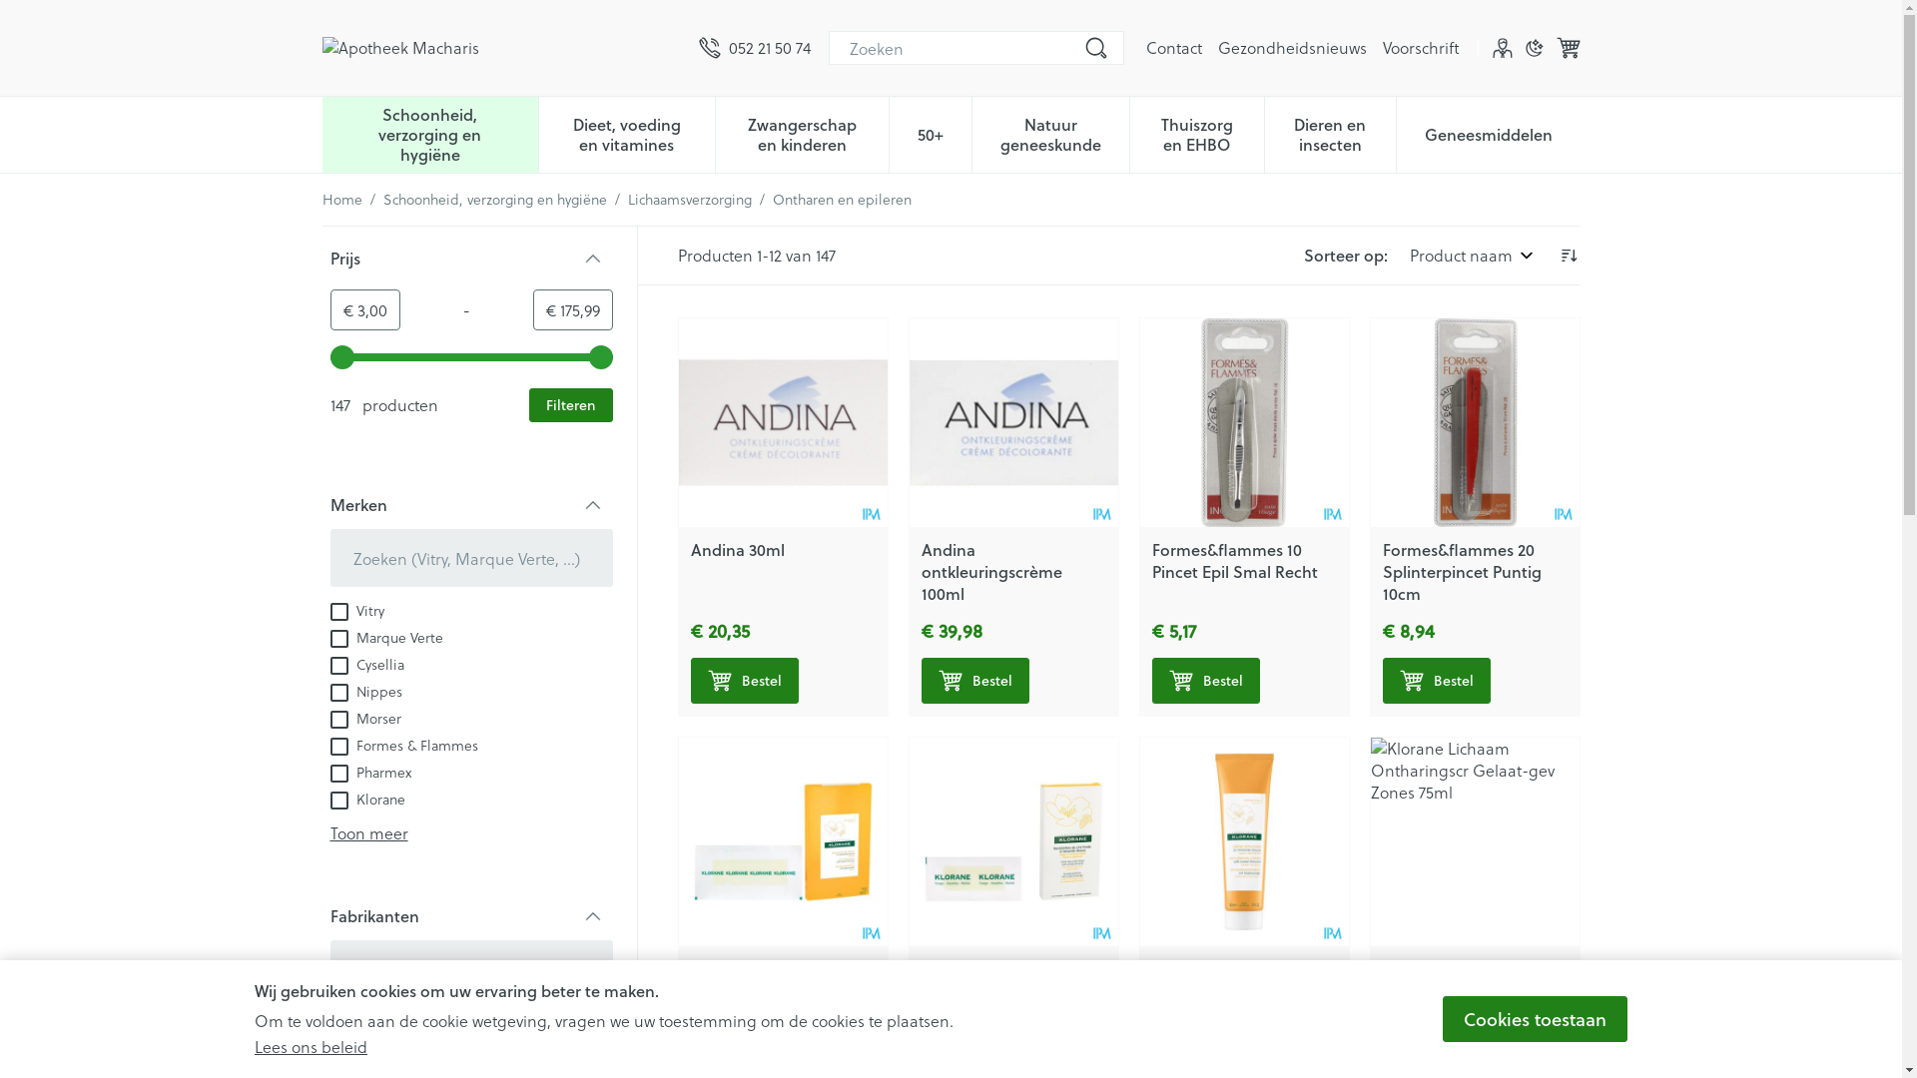 The width and height of the screenshot is (1917, 1078). What do you see at coordinates (802, 132) in the screenshot?
I see `'Zwangerschap en kinderen'` at bounding box center [802, 132].